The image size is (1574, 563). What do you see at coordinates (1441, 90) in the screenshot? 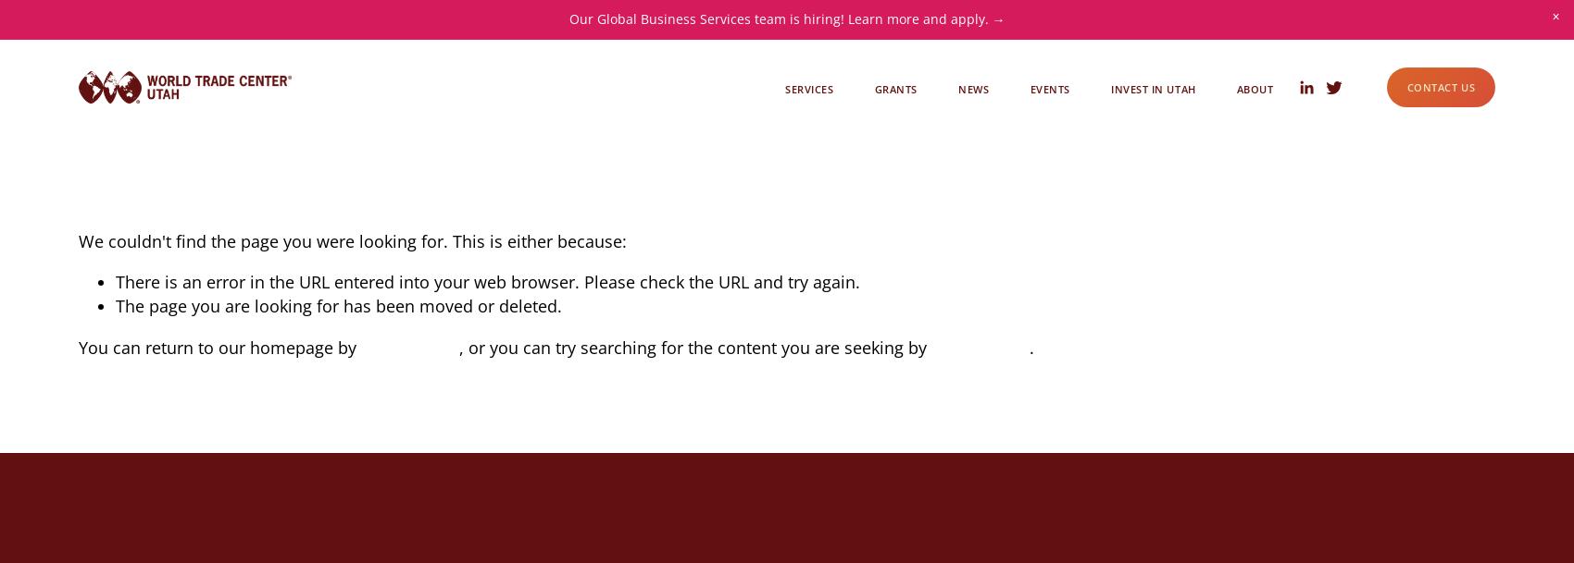
I see `'Contact Us'` at bounding box center [1441, 90].